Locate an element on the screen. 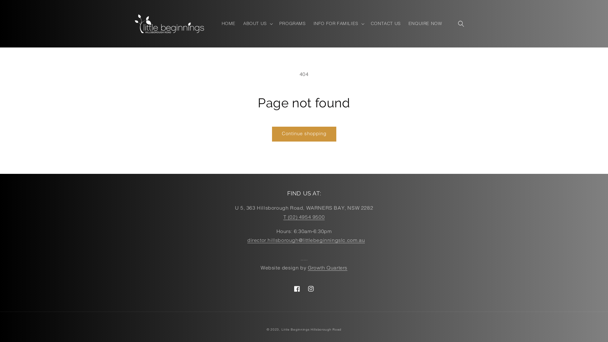 The width and height of the screenshot is (608, 342). 'Cart' is located at coordinates (475, 23).